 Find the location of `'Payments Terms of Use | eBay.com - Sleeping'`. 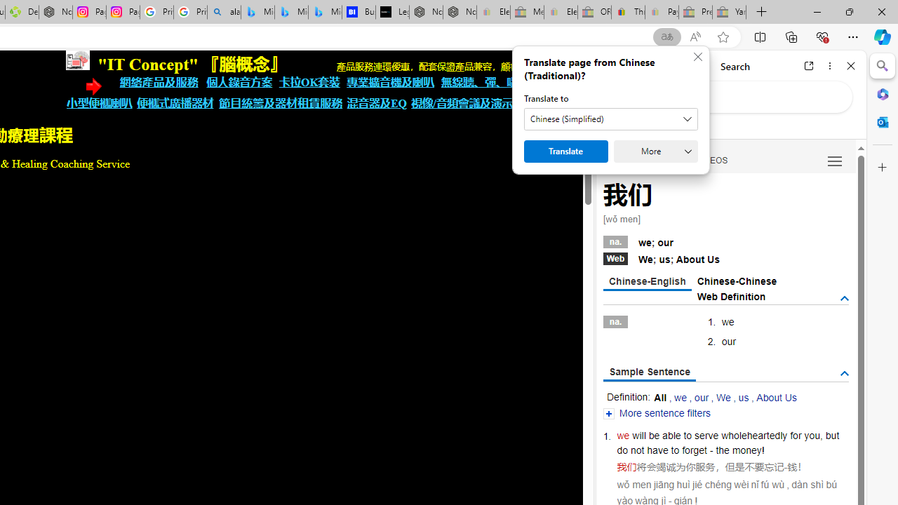

'Payments Terms of Use | eBay.com - Sleeping' is located at coordinates (661, 12).